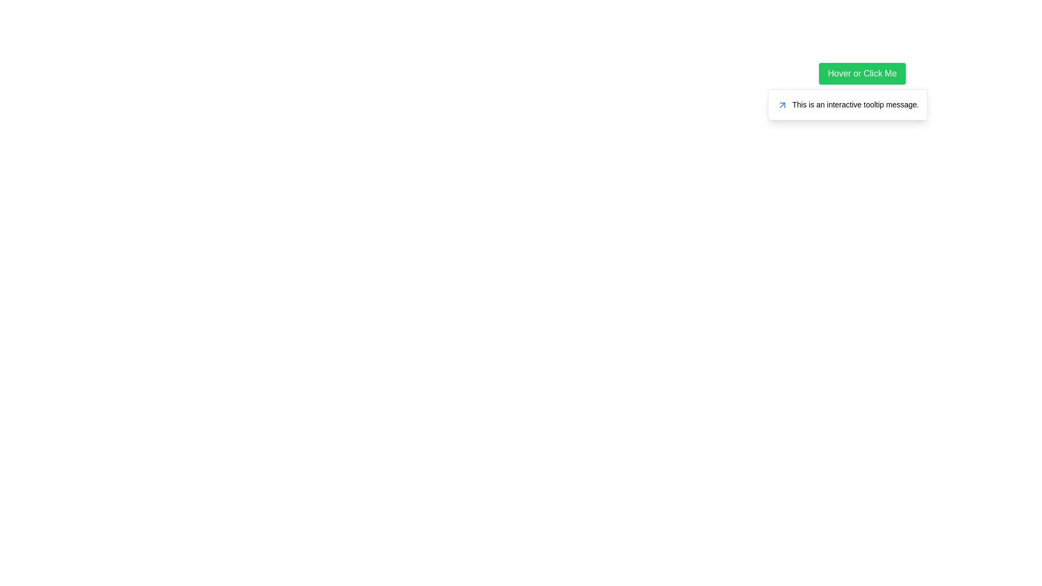 This screenshot has width=1042, height=586. What do you see at coordinates (855, 104) in the screenshot?
I see `message displayed in the tooltip that states 'This is an interactive tooltip message.' This text label is styled with a small font size and is located within a tooltip box, horizontally aligned with other elements` at bounding box center [855, 104].